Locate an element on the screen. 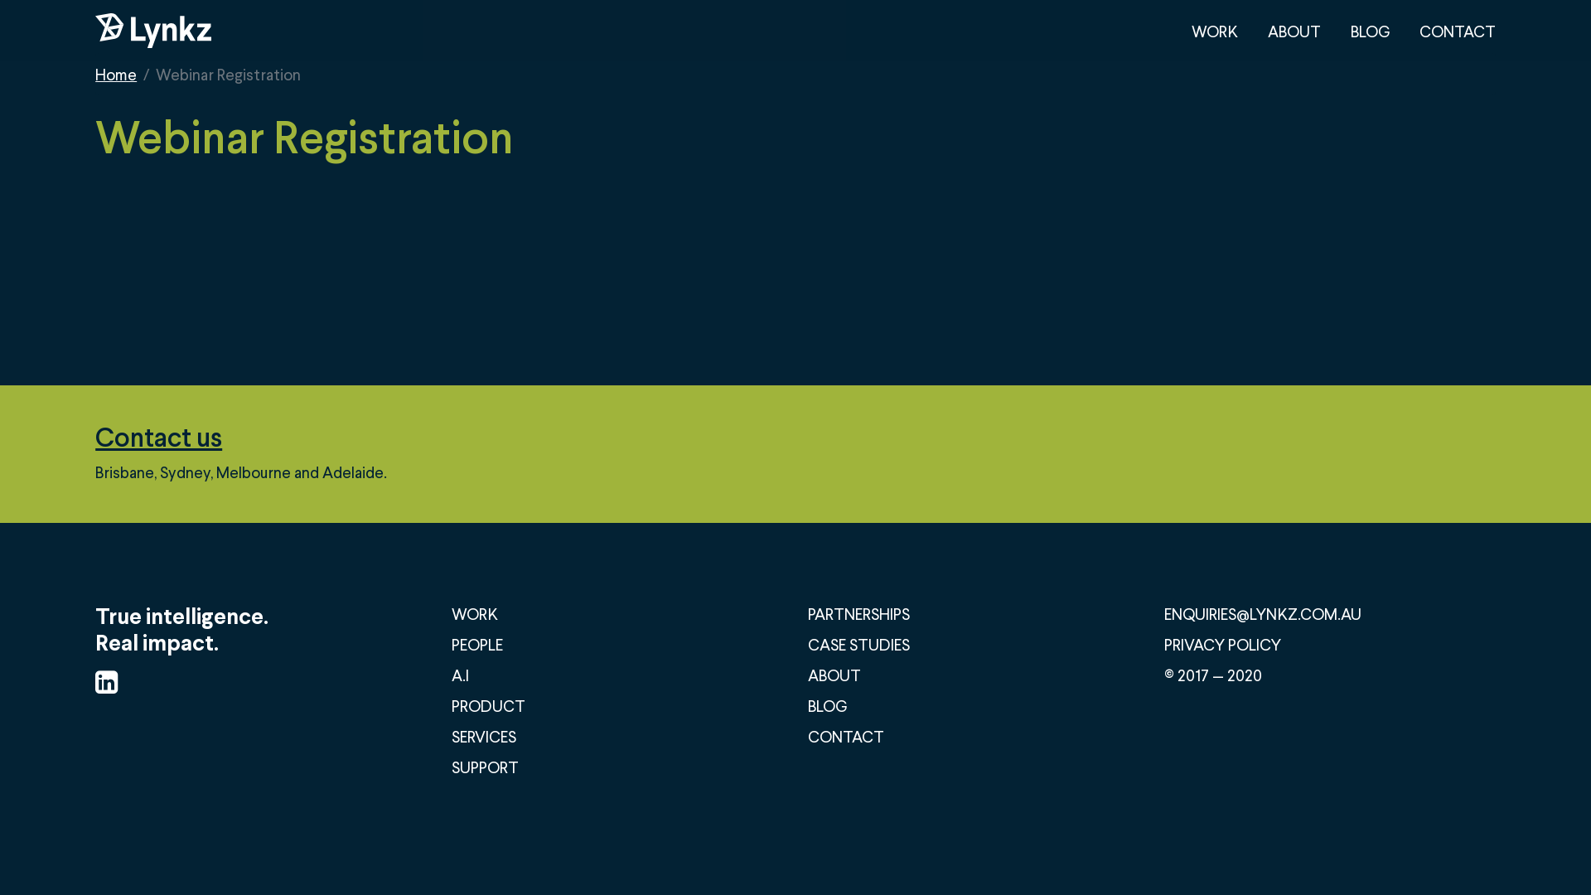 The height and width of the screenshot is (895, 1591). 'SERVICES' is located at coordinates (483, 735).